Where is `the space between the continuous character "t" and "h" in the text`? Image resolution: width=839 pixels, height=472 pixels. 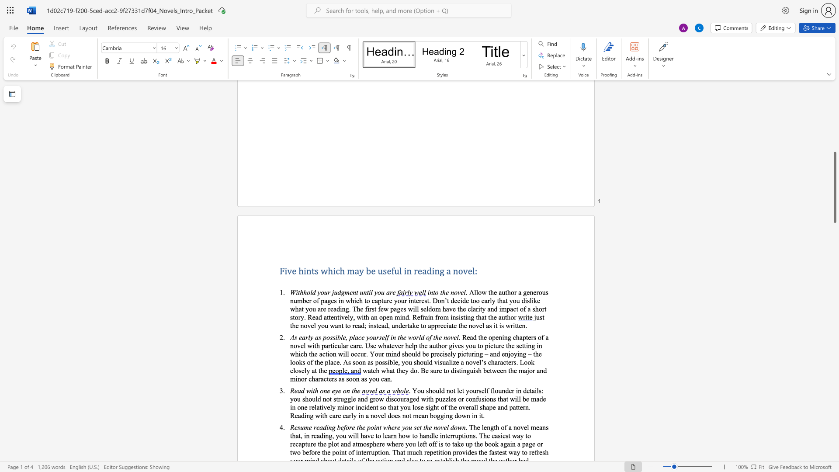 the space between the continuous character "t" and "h" in the text is located at coordinates (300, 292).